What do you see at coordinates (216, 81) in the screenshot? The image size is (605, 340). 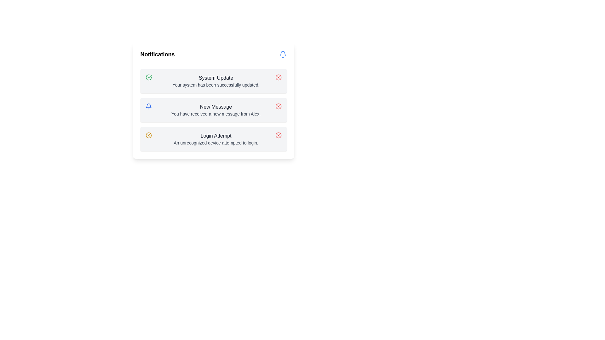 I see `details of the notification header and message indicating a successful system update, which is located in the center of the notification panel above other notifications` at bounding box center [216, 81].